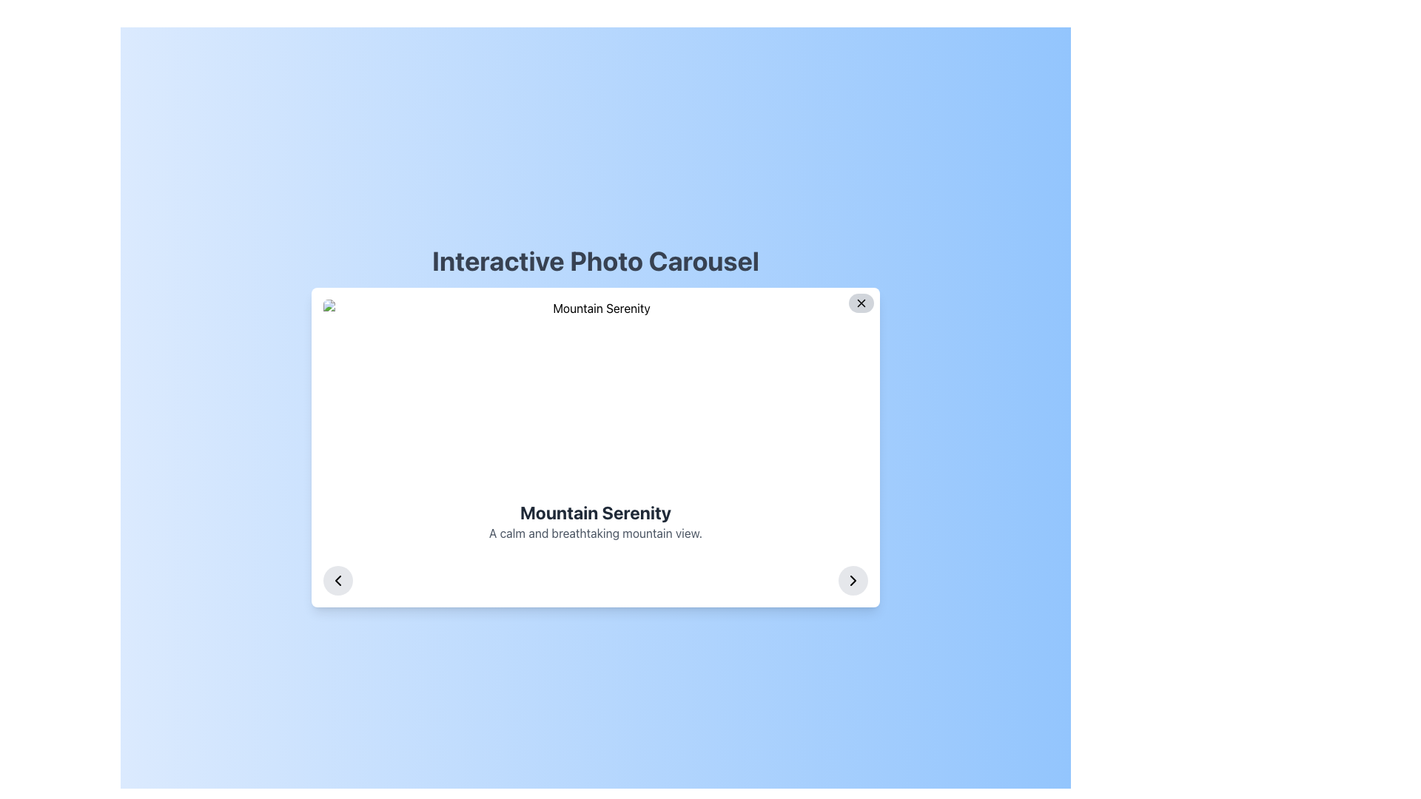  Describe the element at coordinates (861, 302) in the screenshot. I see `the circular button with a dark gray 'X' icon located at the top-right corner of the modal` at that location.